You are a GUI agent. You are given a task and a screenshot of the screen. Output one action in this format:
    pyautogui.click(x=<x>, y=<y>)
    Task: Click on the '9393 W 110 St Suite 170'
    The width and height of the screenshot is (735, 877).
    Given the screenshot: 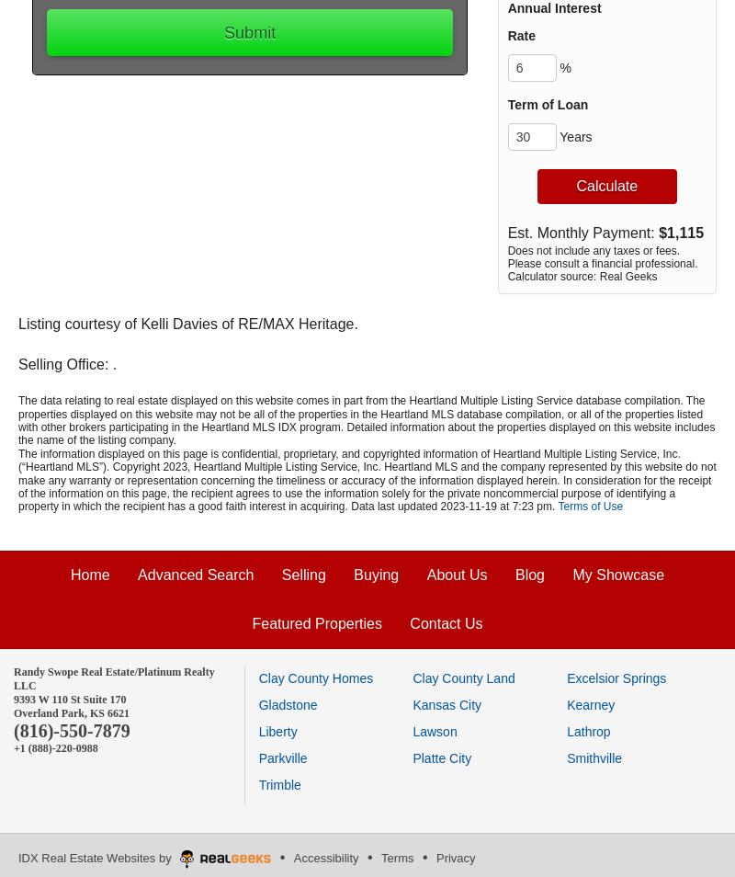 What is the action you would take?
    pyautogui.click(x=71, y=700)
    